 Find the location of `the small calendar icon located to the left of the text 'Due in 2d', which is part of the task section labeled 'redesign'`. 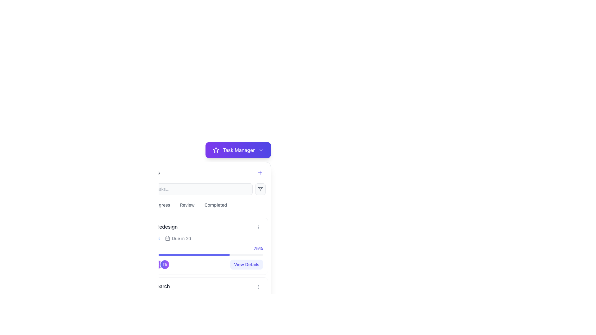

the small calendar icon located to the left of the text 'Due in 2d', which is part of the task section labeled 'redesign' is located at coordinates (168, 238).